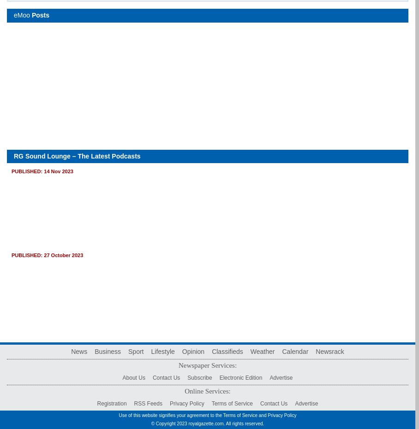 The width and height of the screenshot is (419, 429). I want to click on 'Online Services:', so click(207, 390).